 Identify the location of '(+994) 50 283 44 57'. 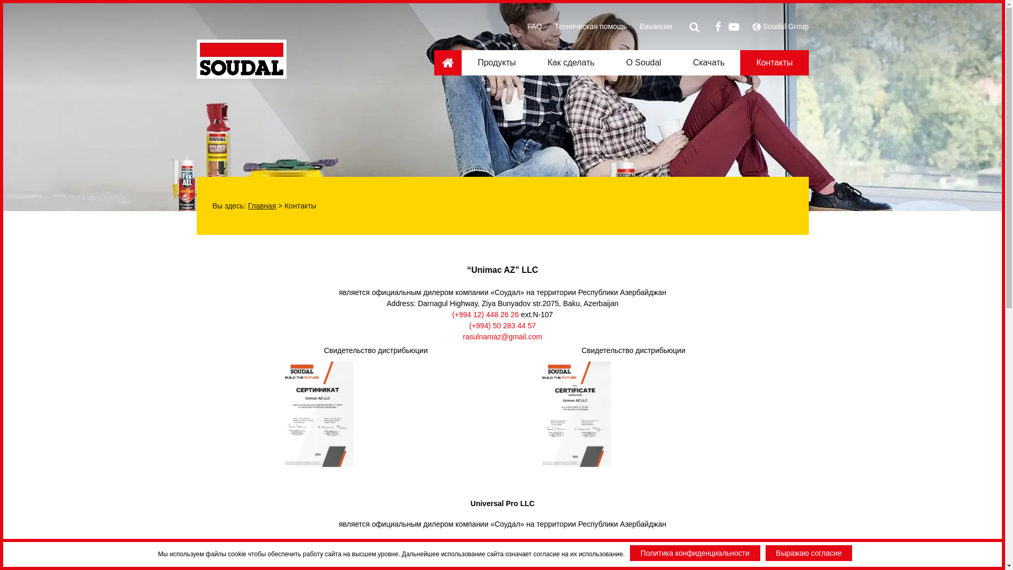
(502, 325).